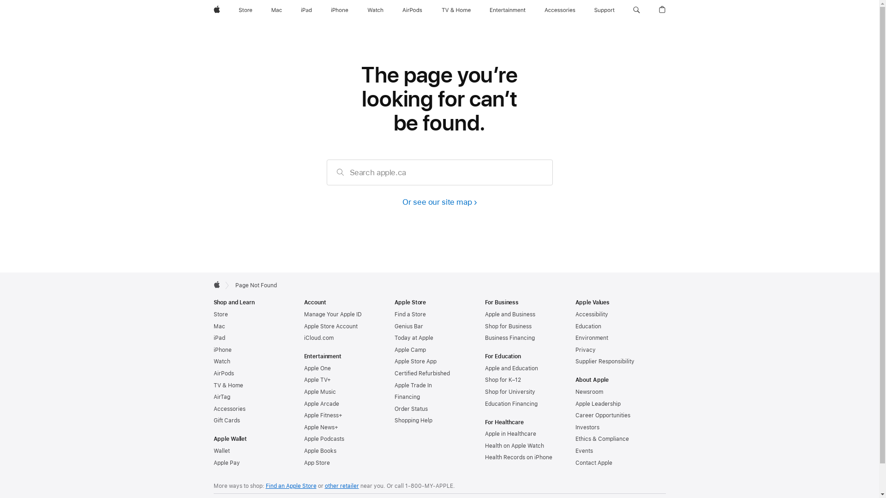 This screenshot has height=498, width=886. I want to click on 'Or see our site map', so click(438, 202).